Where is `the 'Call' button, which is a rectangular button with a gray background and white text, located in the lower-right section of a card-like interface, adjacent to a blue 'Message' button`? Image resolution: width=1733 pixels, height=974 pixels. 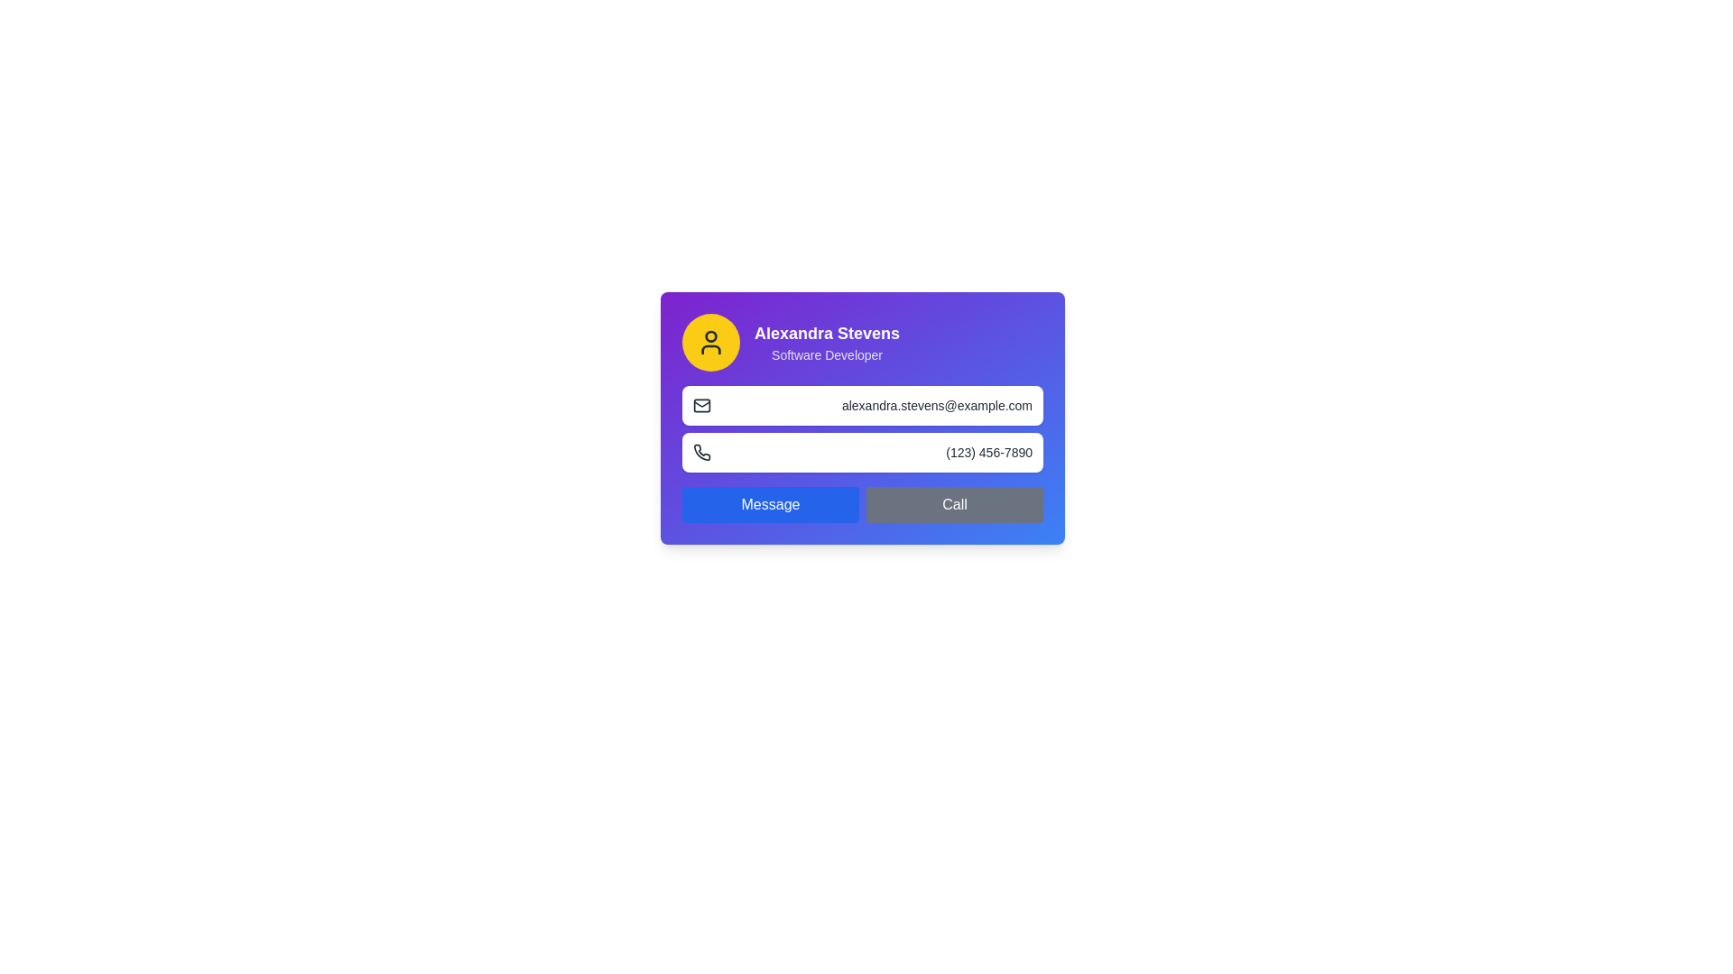
the 'Call' button, which is a rectangular button with a gray background and white text, located in the lower-right section of a card-like interface, adjacent to a blue 'Message' button is located at coordinates (953, 504).